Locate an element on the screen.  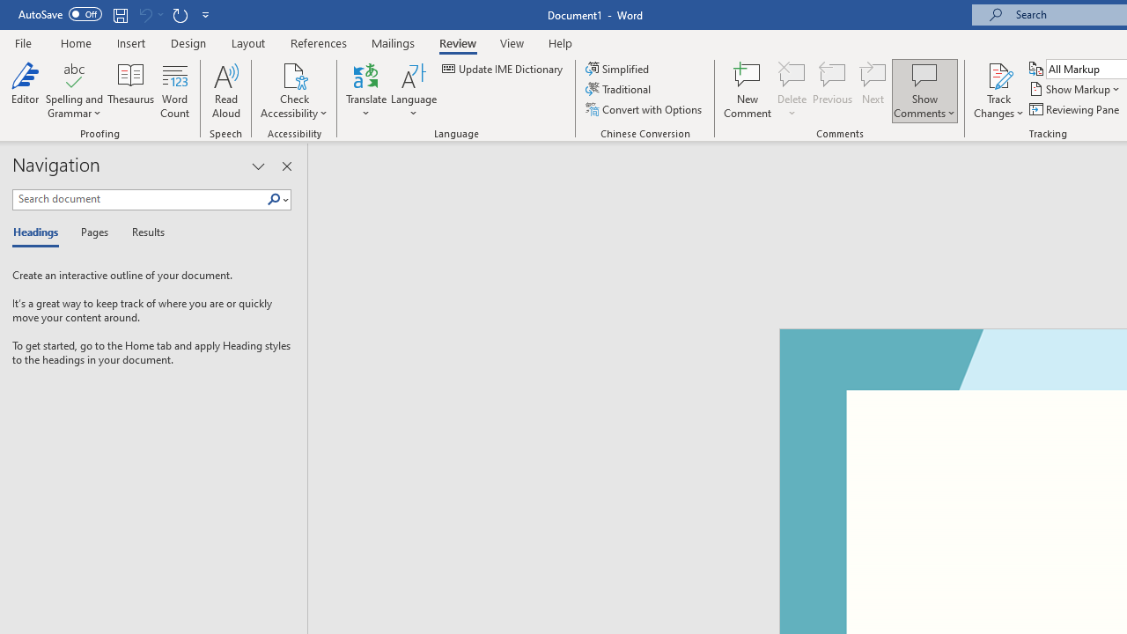
'Word Count' is located at coordinates (175, 91).